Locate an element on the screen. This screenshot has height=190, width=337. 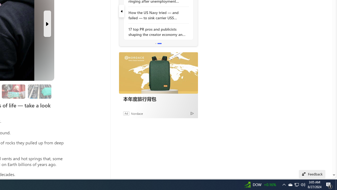
'Researchers are still studying the samples' is located at coordinates (39, 91).